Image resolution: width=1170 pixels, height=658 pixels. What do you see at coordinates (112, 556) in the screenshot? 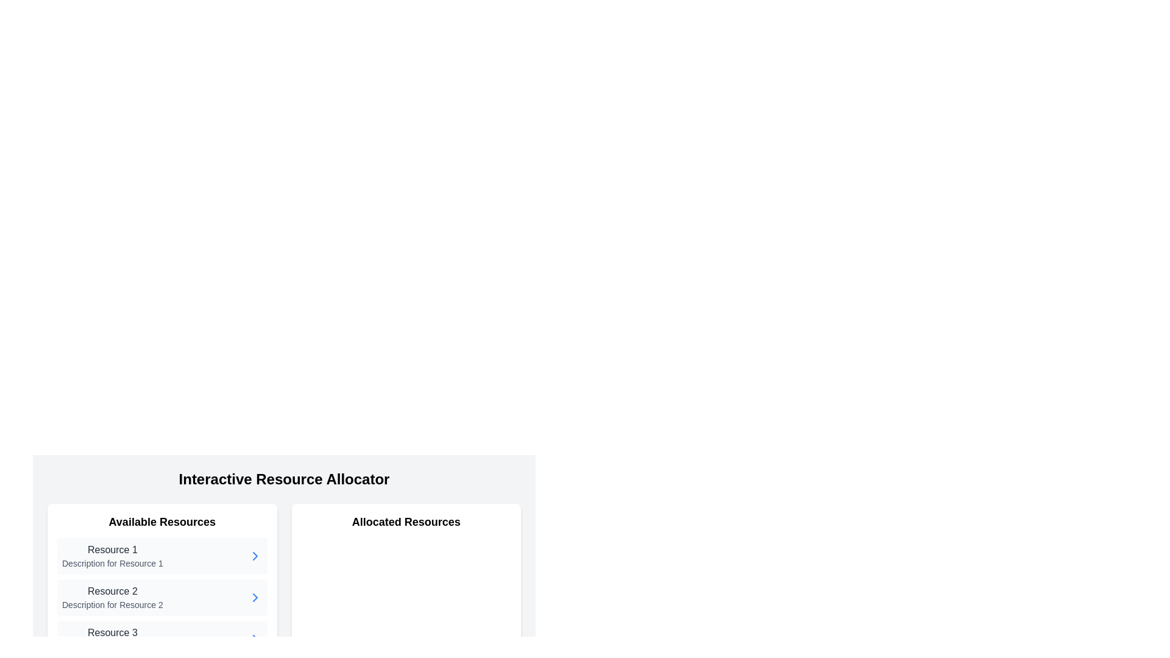
I see `the first list item under 'Available Resources' which contains 'Resource 1' in bold and 'Description for Resource 1' in smaller gray font` at bounding box center [112, 556].